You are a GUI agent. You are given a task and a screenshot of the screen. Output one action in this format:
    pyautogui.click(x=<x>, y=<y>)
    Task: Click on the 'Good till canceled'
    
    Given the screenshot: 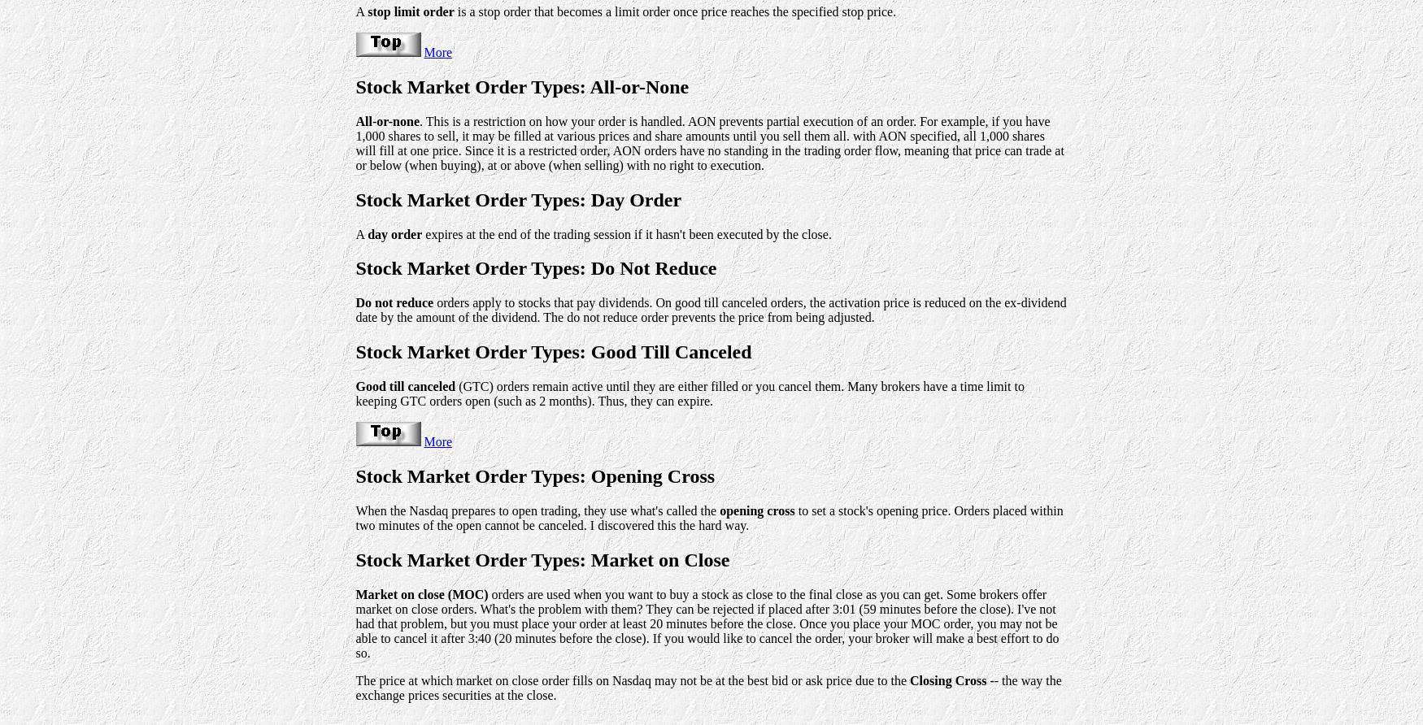 What is the action you would take?
    pyautogui.click(x=405, y=386)
    